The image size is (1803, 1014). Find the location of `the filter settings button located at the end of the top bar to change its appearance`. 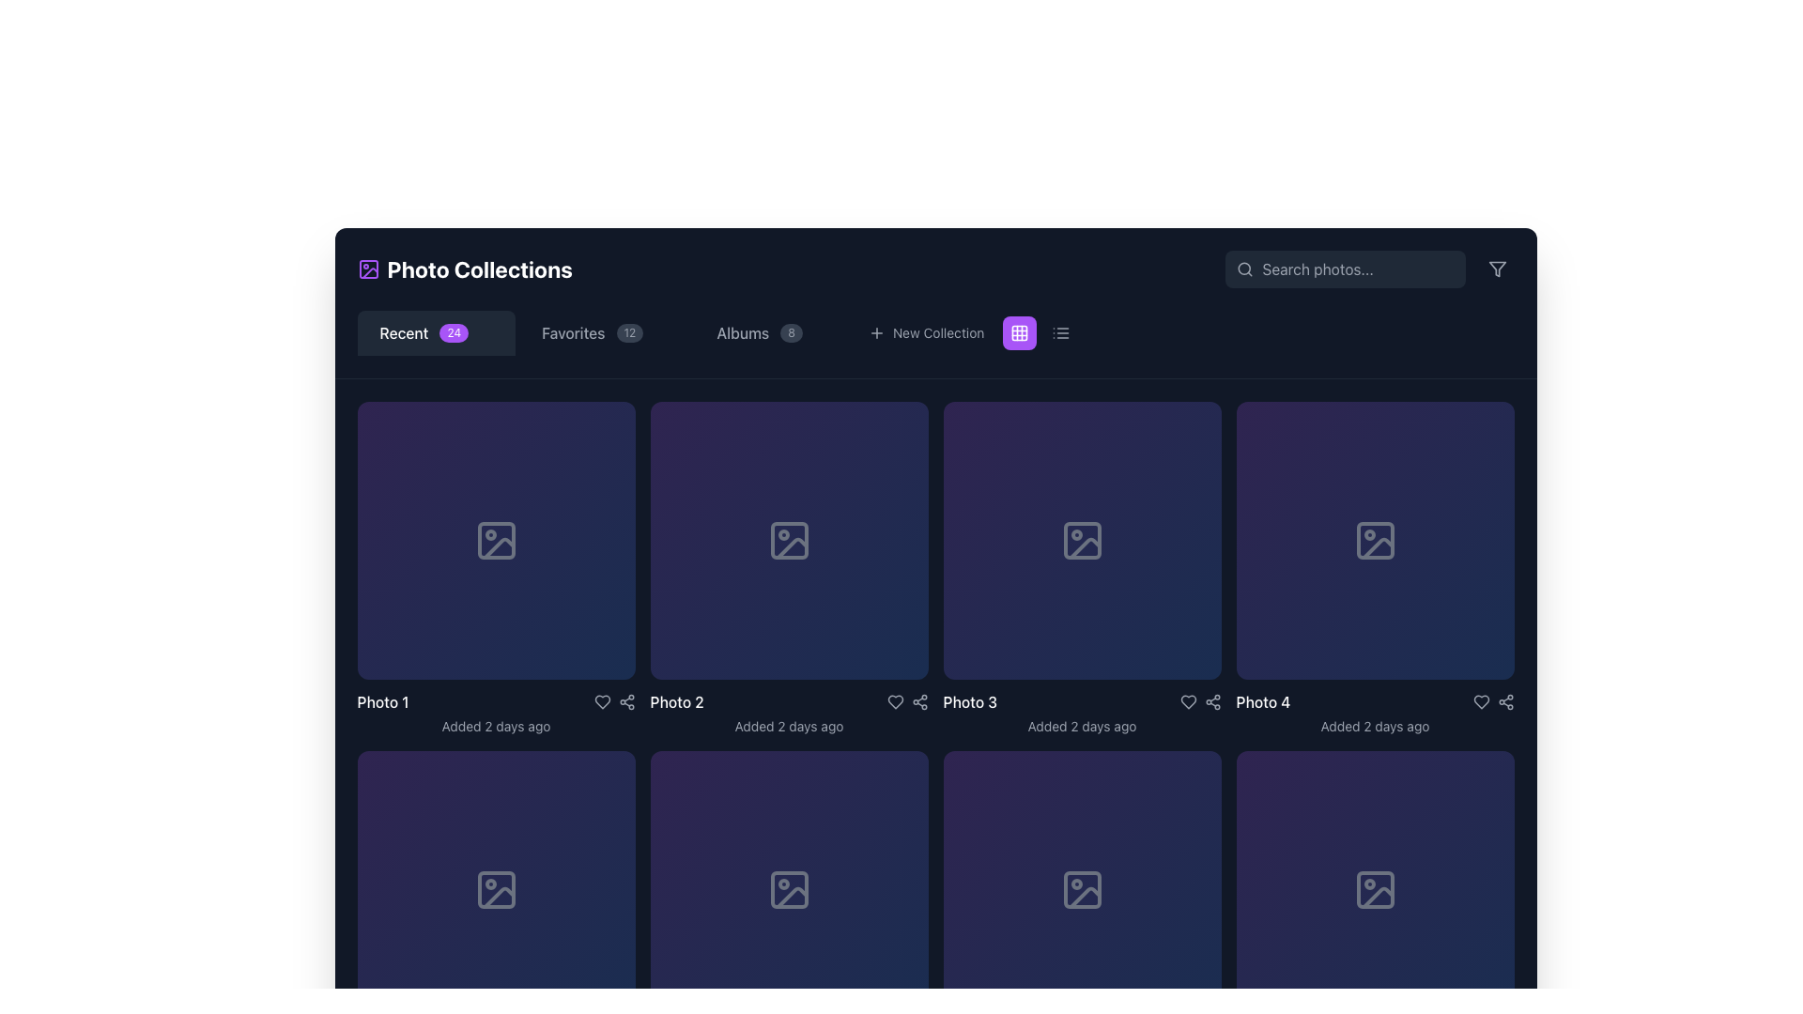

the filter settings button located at the end of the top bar to change its appearance is located at coordinates (1496, 269).